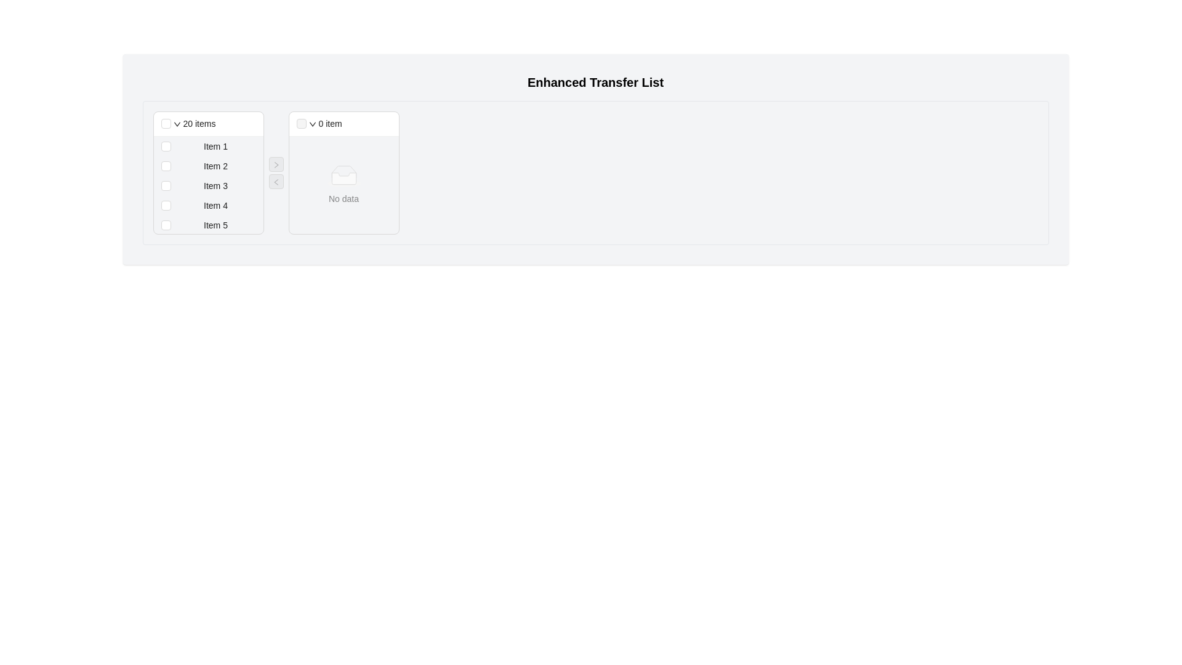  I want to click on the text label reading 'Item 5', which is the fifth element in a vertical list under the section titled '20 items', so click(215, 225).